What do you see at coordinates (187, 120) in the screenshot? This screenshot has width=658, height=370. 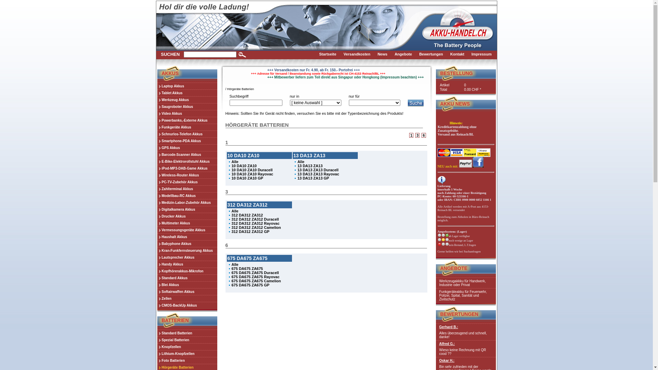 I see `'Powerbanks,-Externe Akkus'` at bounding box center [187, 120].